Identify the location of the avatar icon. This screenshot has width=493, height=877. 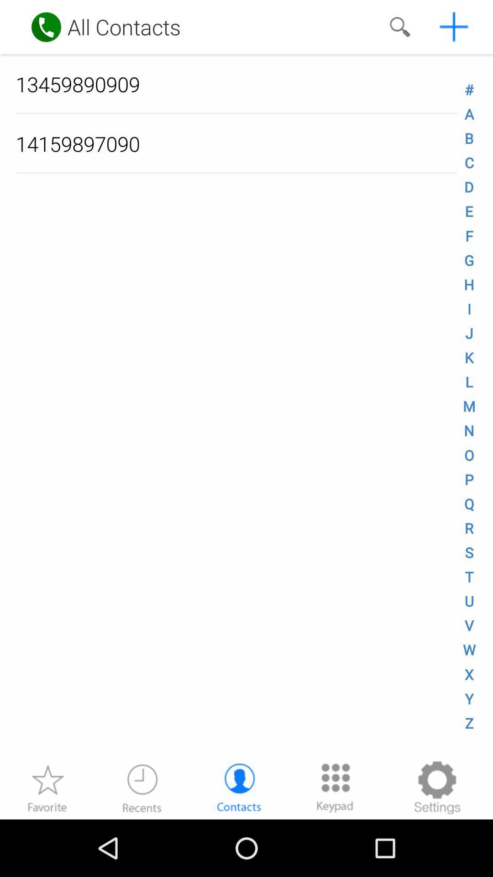
(239, 842).